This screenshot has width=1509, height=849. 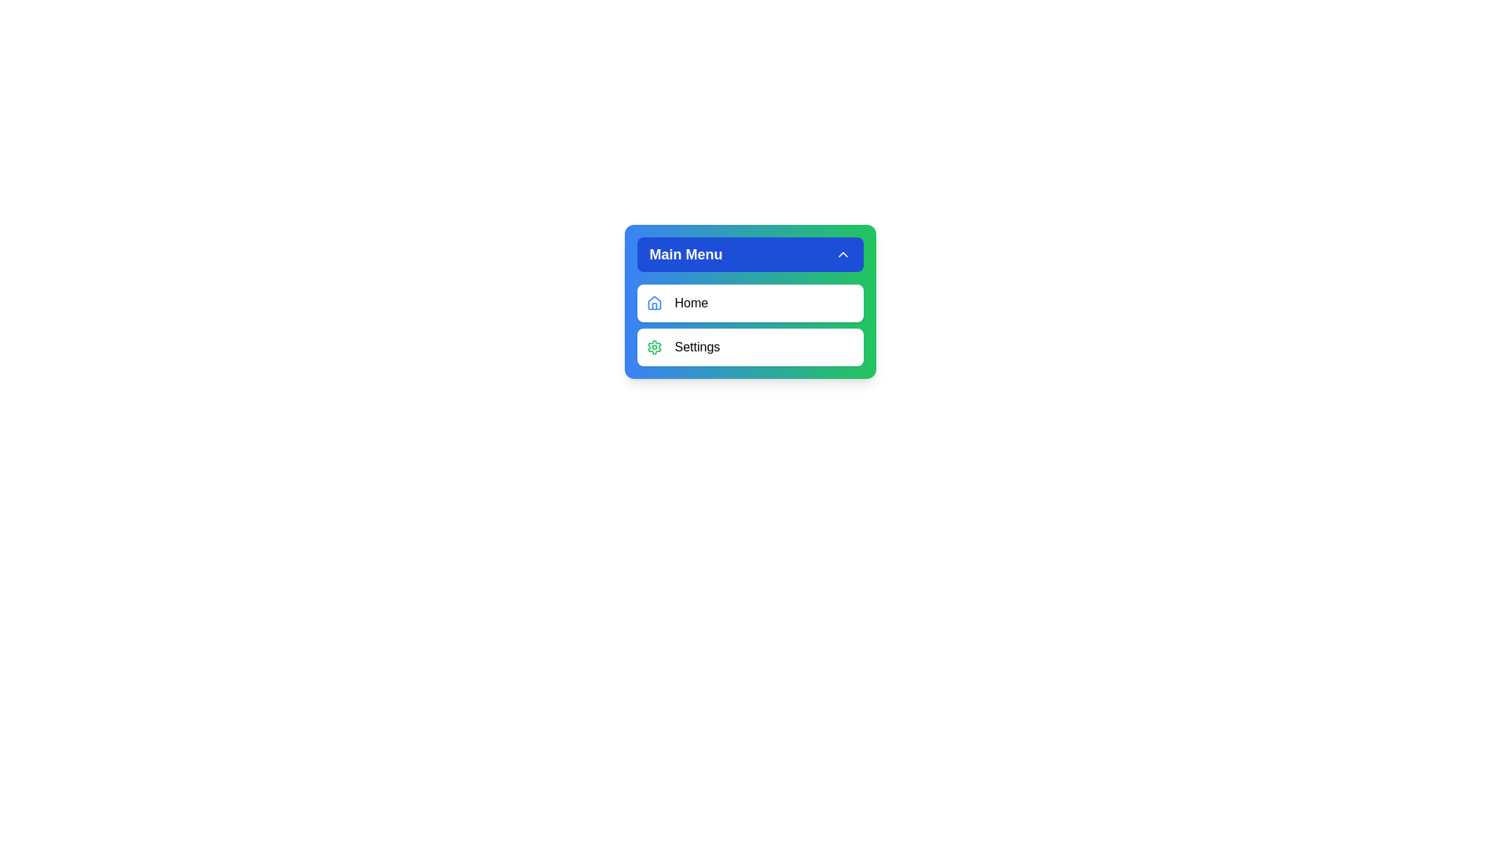 What do you see at coordinates (749, 254) in the screenshot?
I see `the Dropdown button located at the top center of the menu` at bounding box center [749, 254].